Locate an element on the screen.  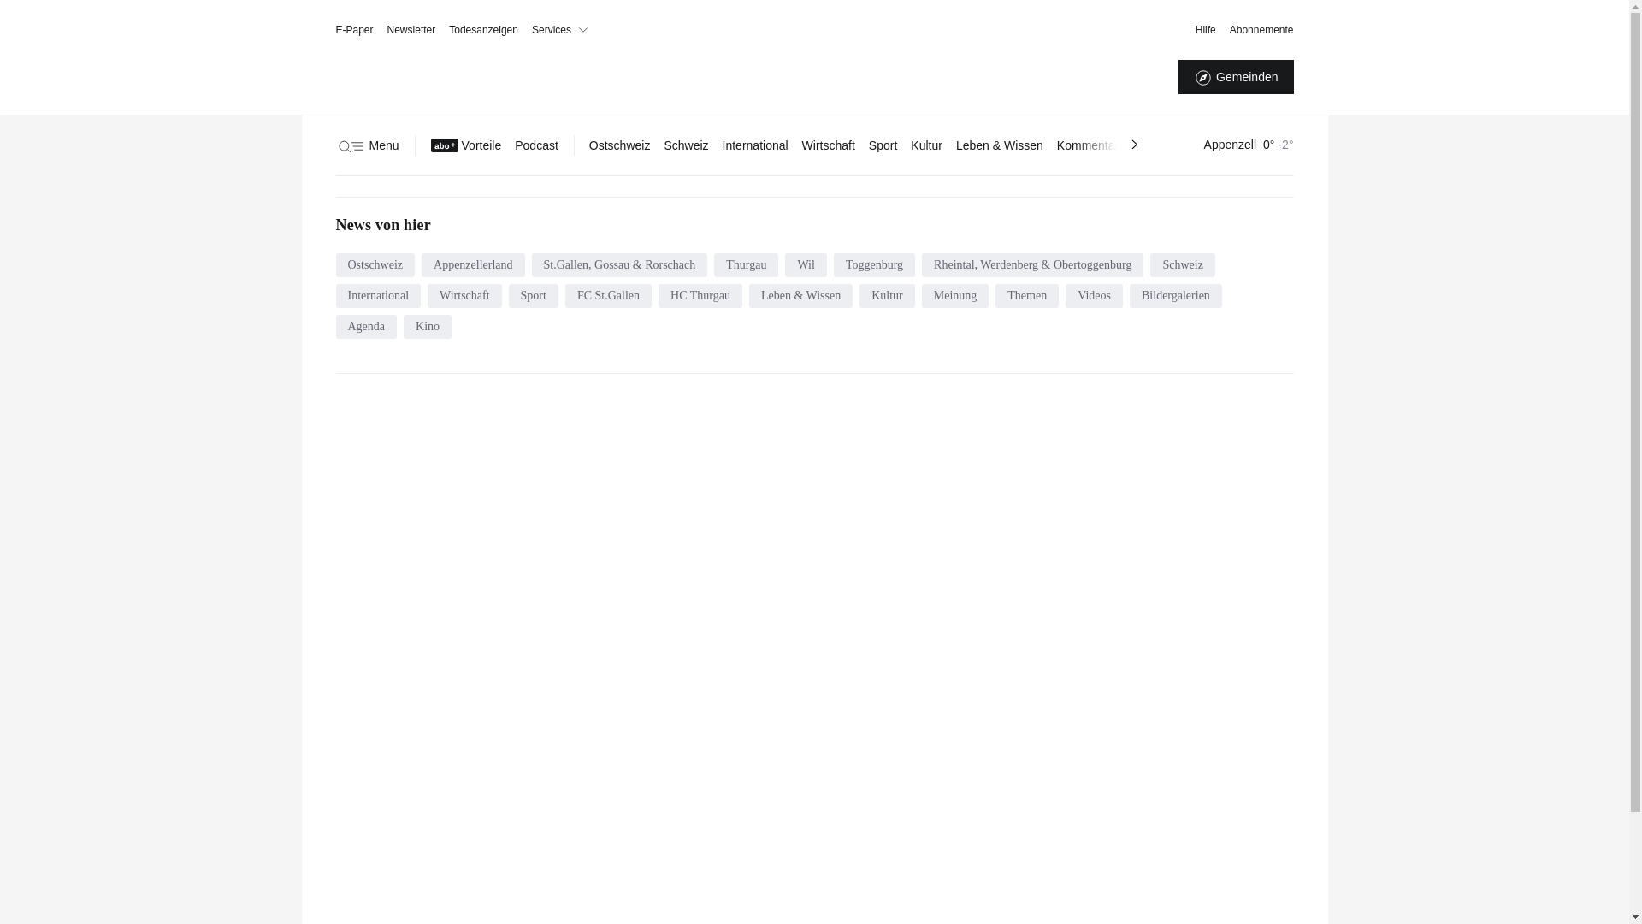
'Gemeinden' is located at coordinates (1235, 75).